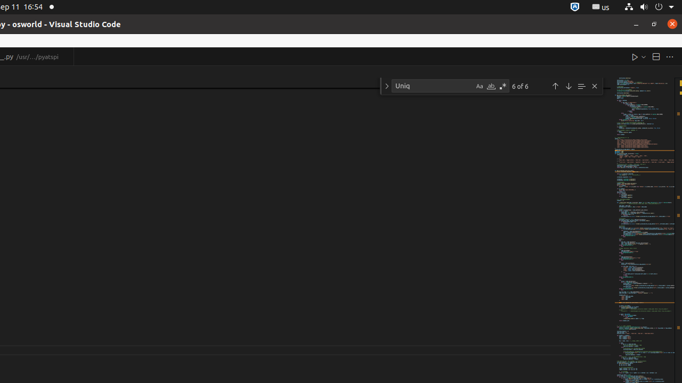  I want to click on 'More Actions...', so click(669, 56).